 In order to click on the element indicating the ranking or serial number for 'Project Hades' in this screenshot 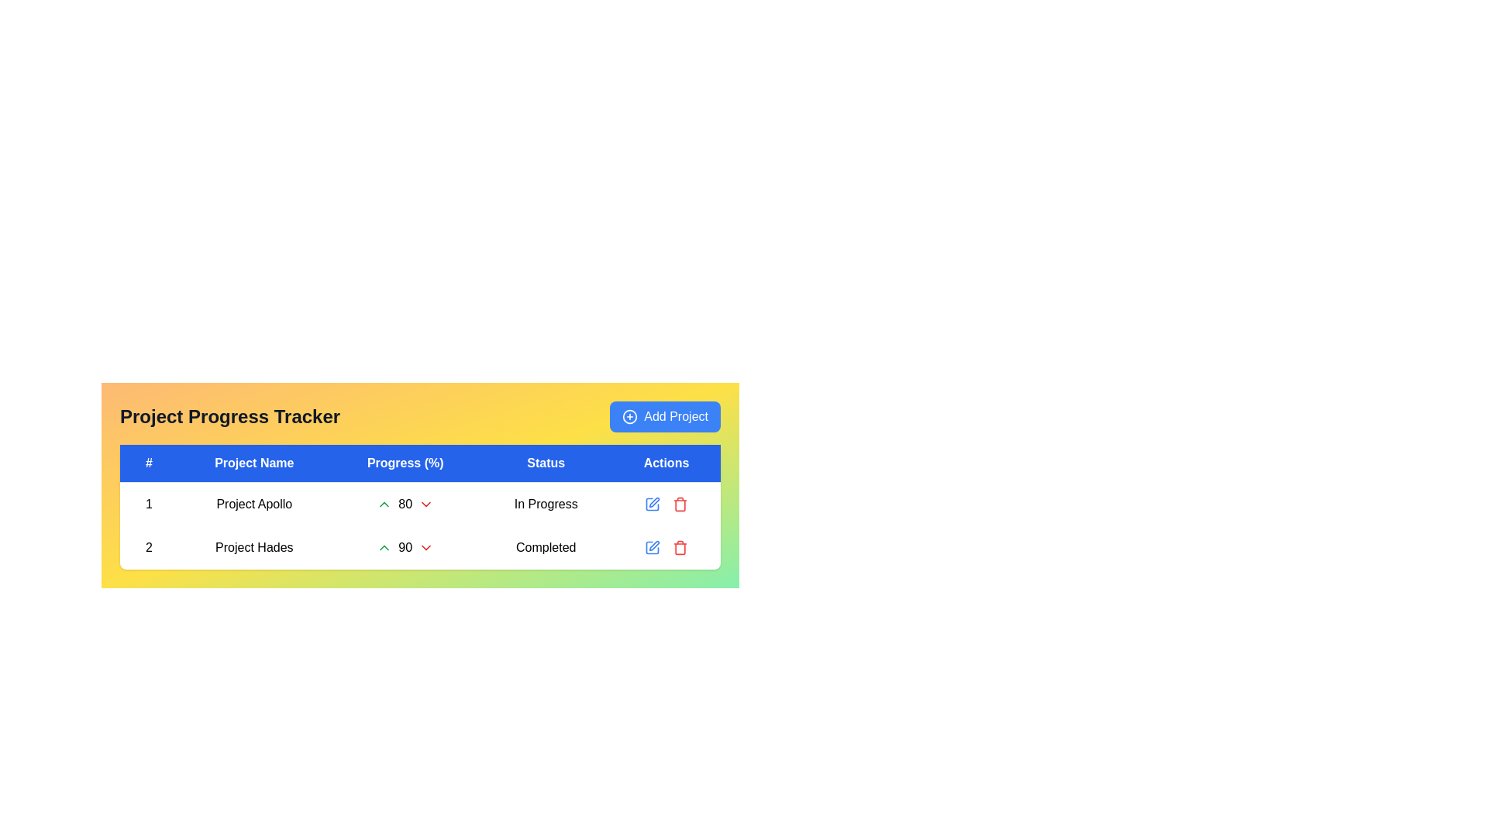, I will do `click(149, 546)`.